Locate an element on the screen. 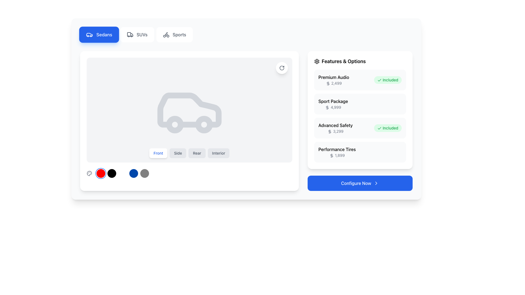 This screenshot has height=295, width=525. the 'Side' button, which is the second button in a group of four is located at coordinates (178, 153).